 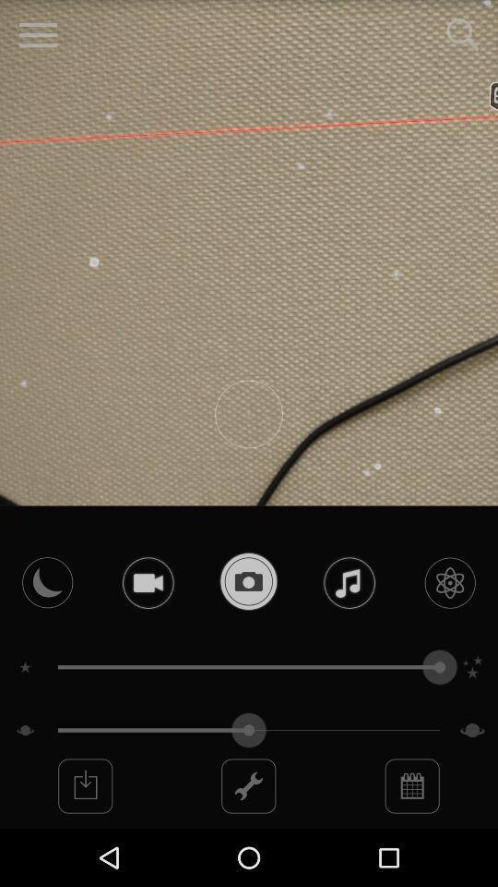 I want to click on the videocam icon, so click(x=147, y=624).